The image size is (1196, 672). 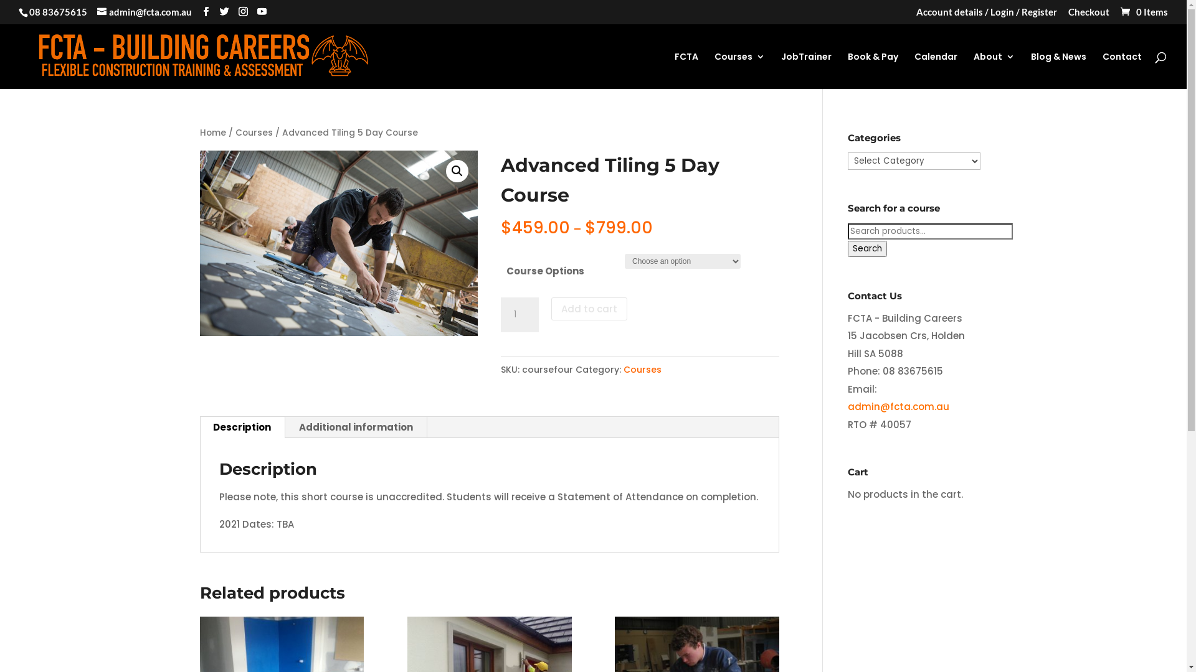 What do you see at coordinates (686, 70) in the screenshot?
I see `'FCTA'` at bounding box center [686, 70].